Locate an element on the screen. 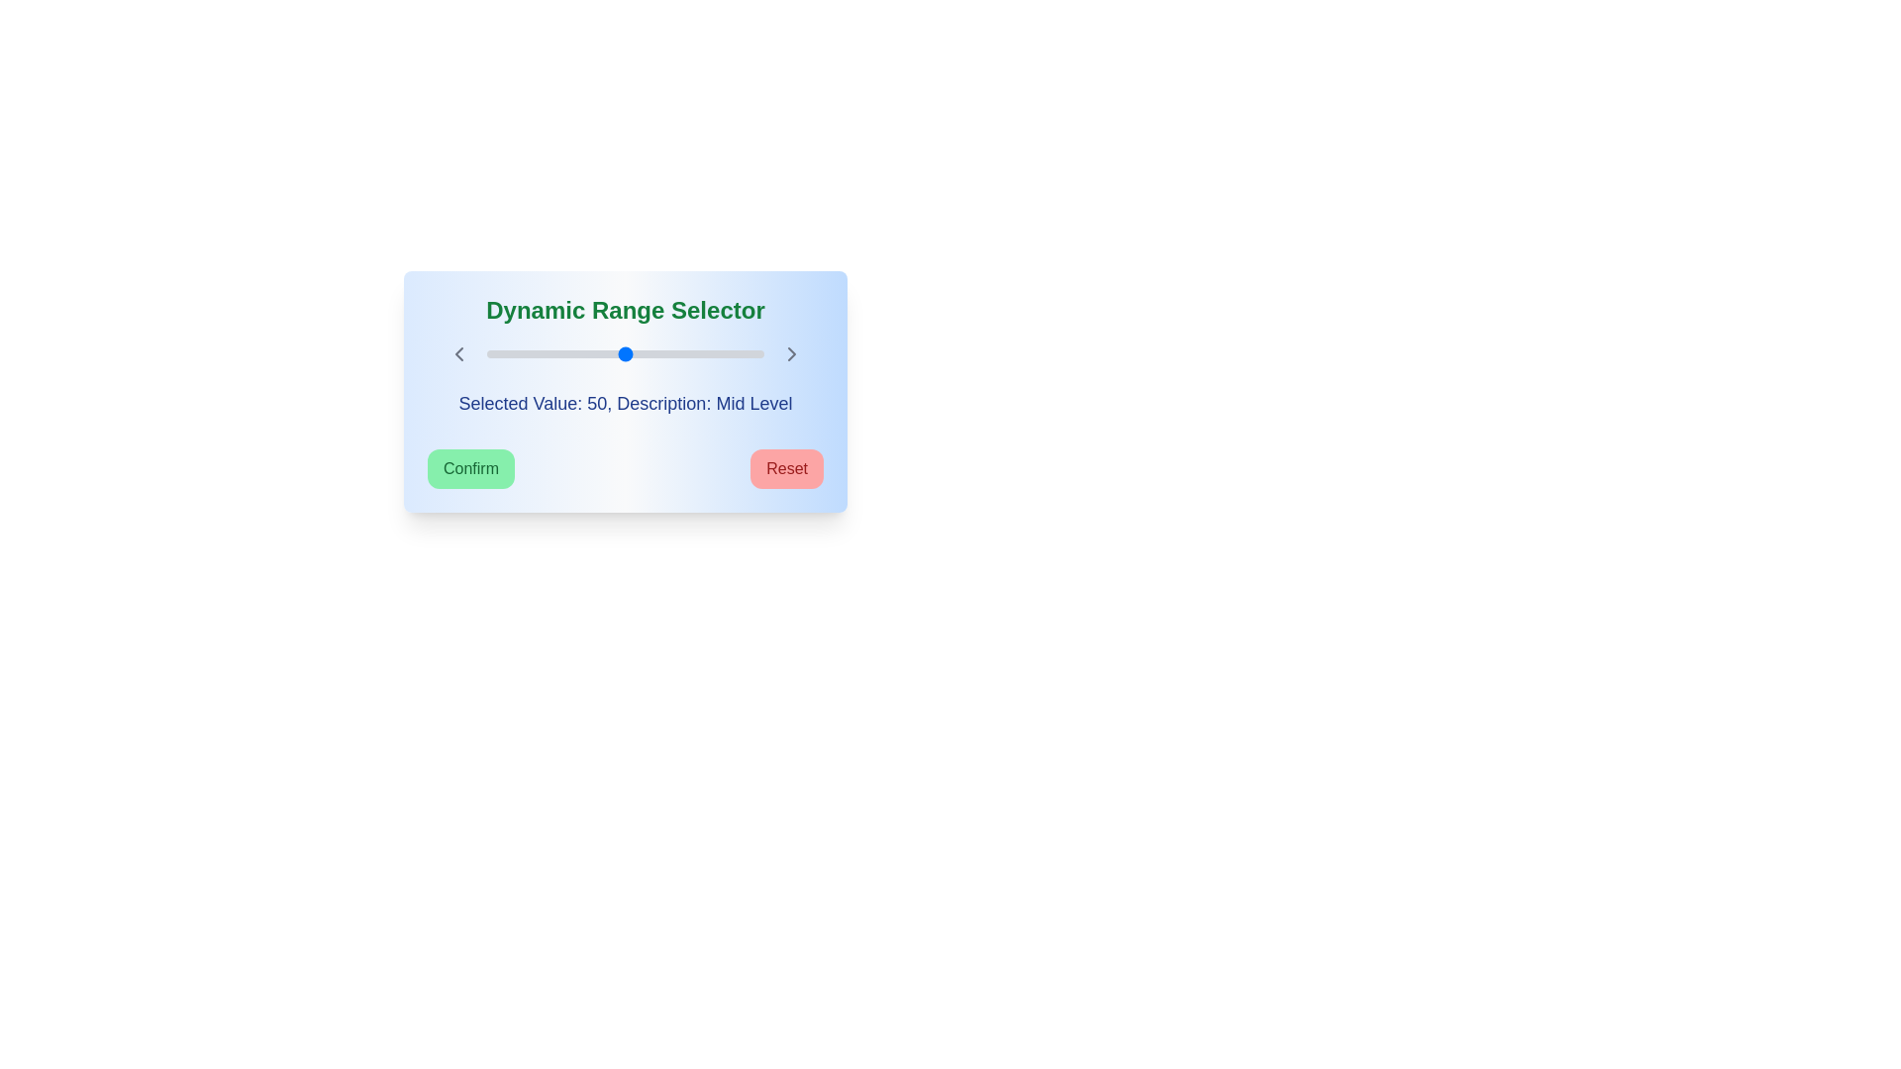  the slider is located at coordinates (550, 353).